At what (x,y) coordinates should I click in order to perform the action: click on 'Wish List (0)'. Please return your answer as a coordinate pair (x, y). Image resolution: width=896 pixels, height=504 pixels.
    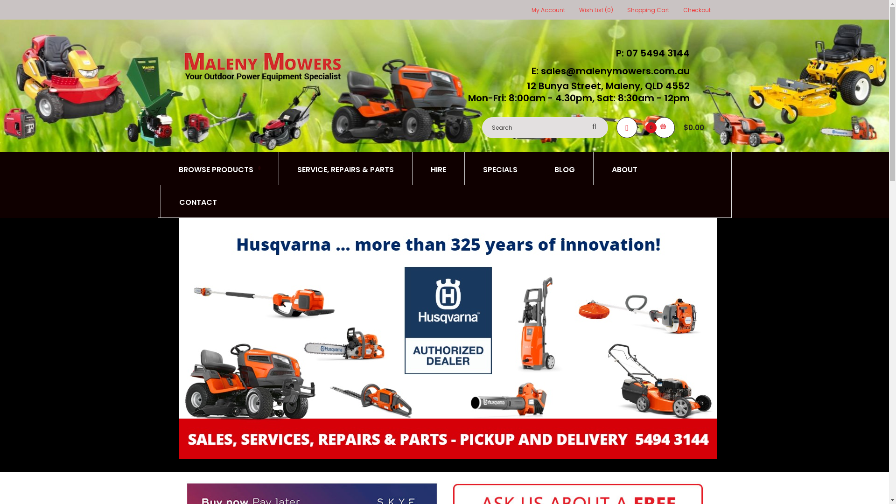
    Looking at the image, I should click on (595, 10).